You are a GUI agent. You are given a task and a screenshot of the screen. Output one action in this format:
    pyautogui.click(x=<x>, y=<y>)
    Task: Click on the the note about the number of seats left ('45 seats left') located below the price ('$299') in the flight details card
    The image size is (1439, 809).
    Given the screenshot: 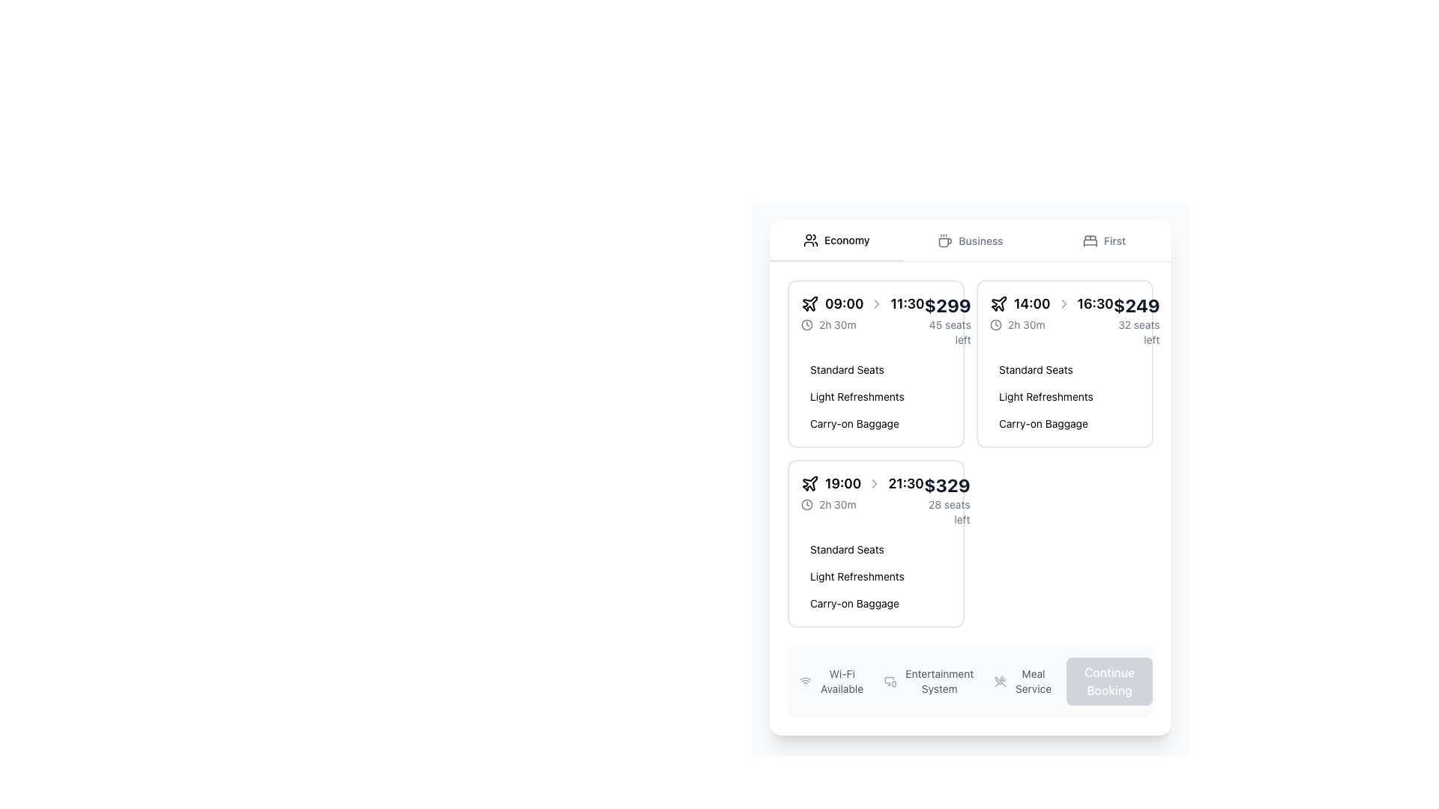 What is the action you would take?
    pyautogui.click(x=947, y=320)
    